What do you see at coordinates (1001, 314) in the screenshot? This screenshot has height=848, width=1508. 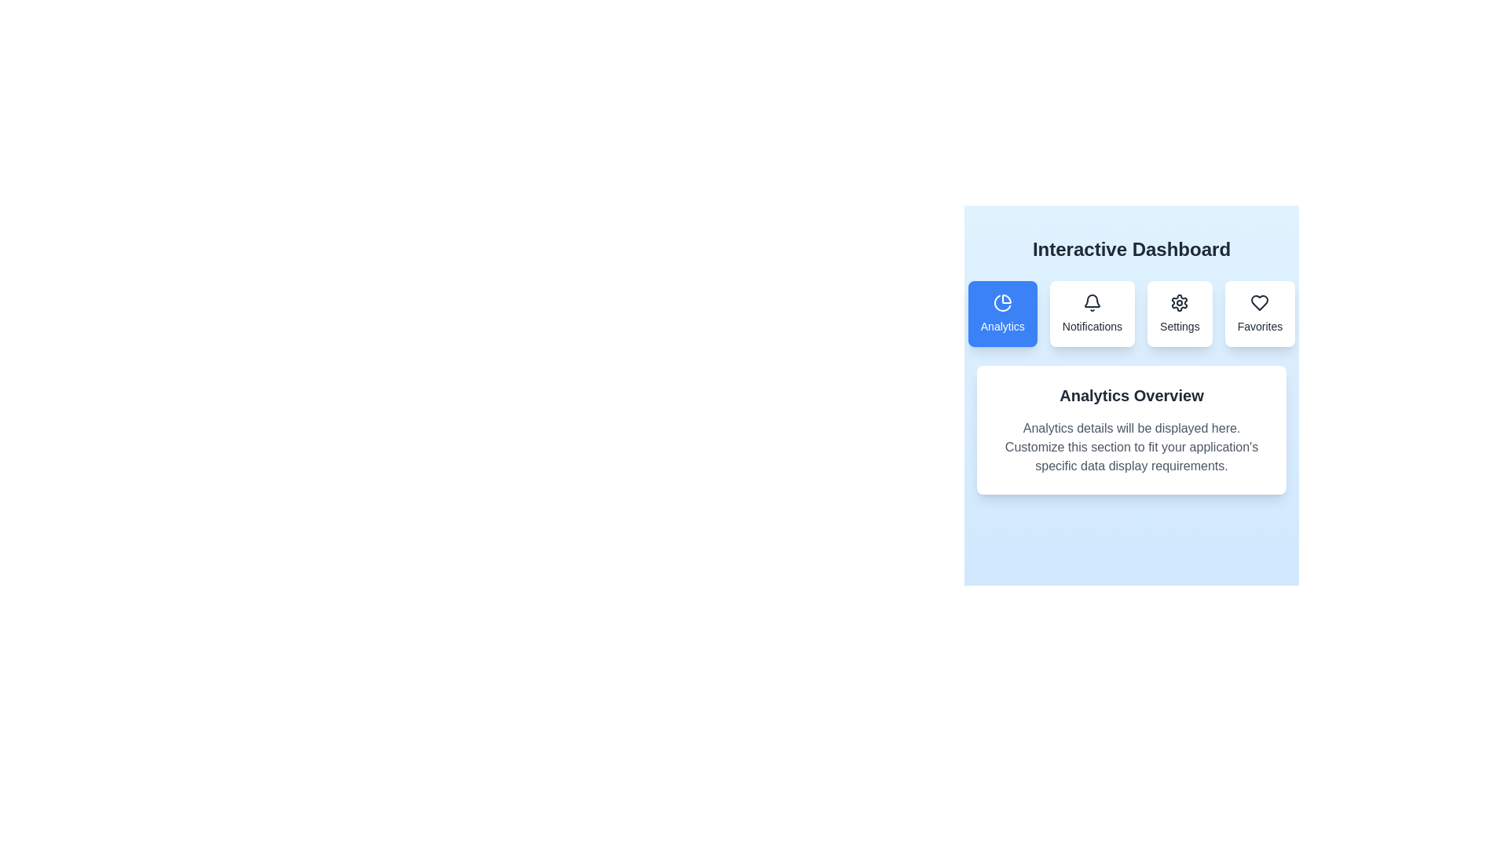 I see `the leftmost button in the row of four buttons` at bounding box center [1001, 314].